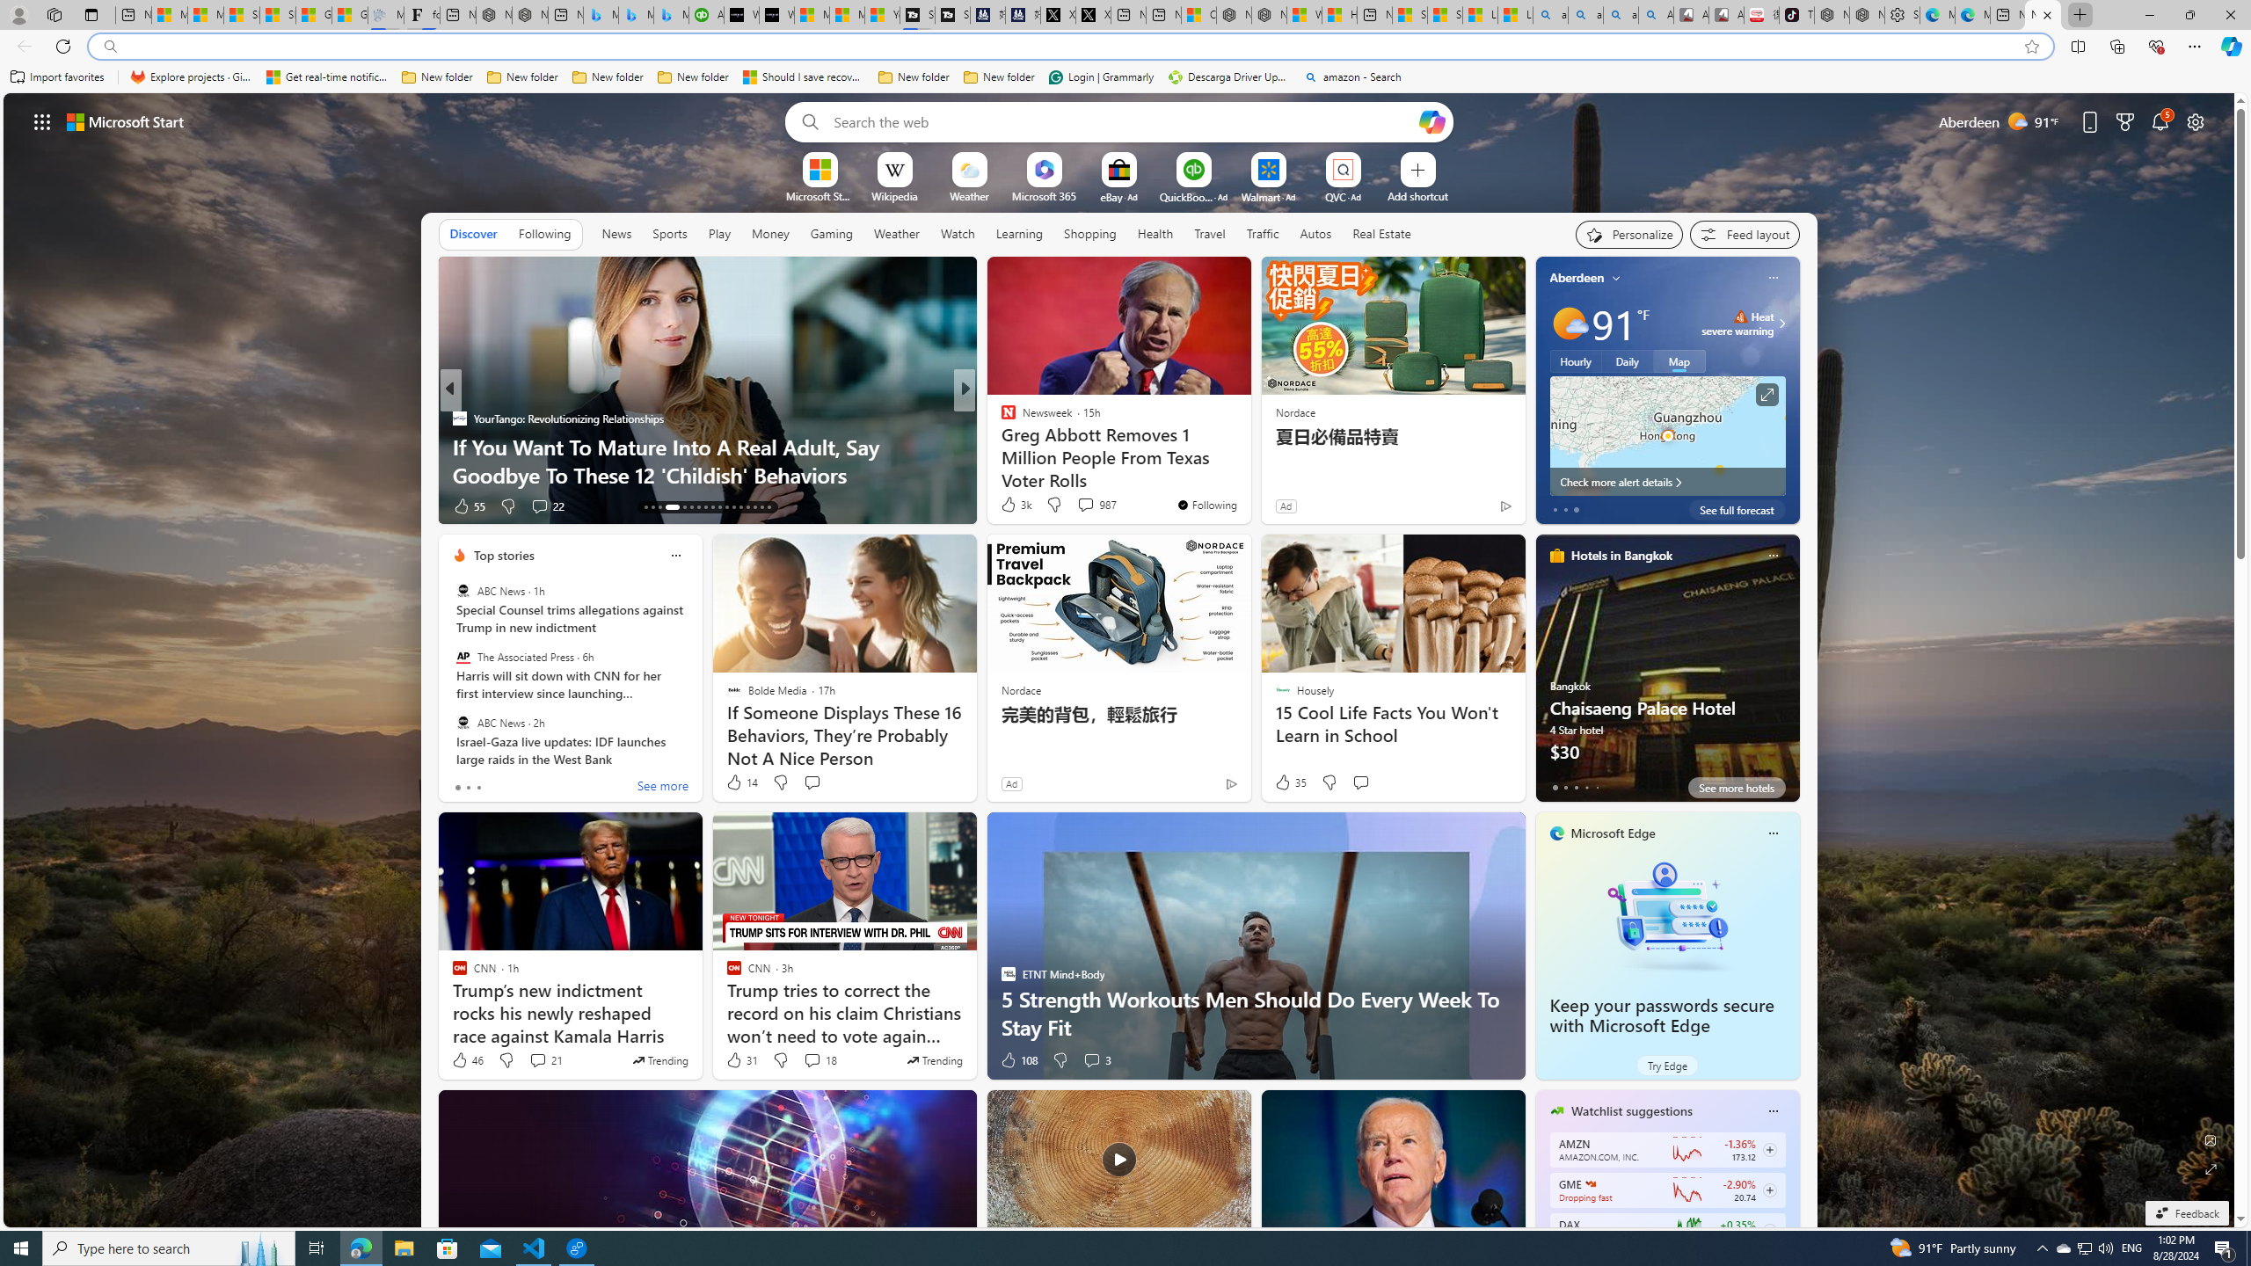 The image size is (2251, 1266). What do you see at coordinates (1000, 417) in the screenshot?
I see `'POLITICO'` at bounding box center [1000, 417].